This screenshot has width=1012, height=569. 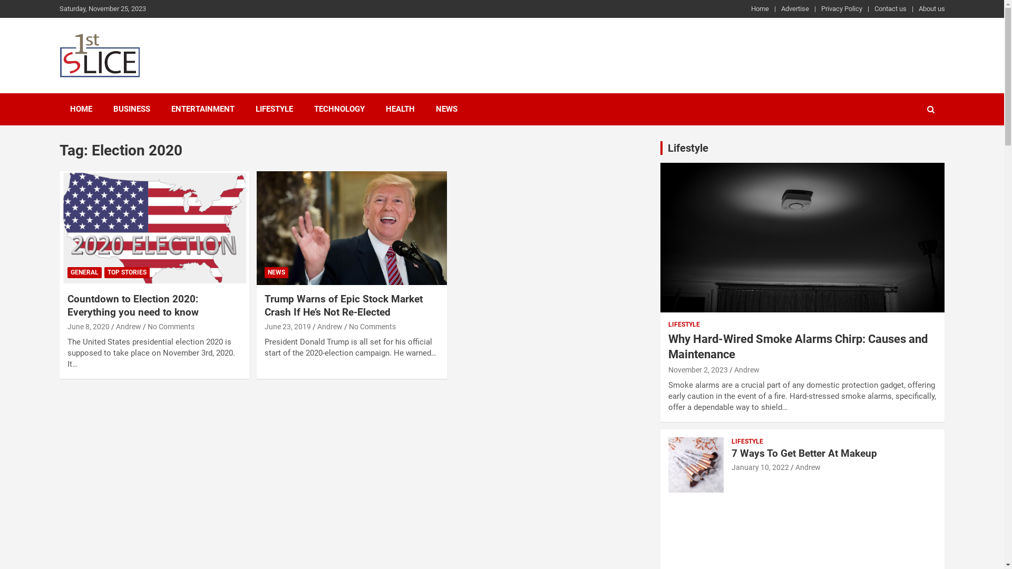 What do you see at coordinates (667, 347) in the screenshot?
I see `'Why Hard-Wired Smoke Alarms Chirp: Causes and Maintenance'` at bounding box center [667, 347].